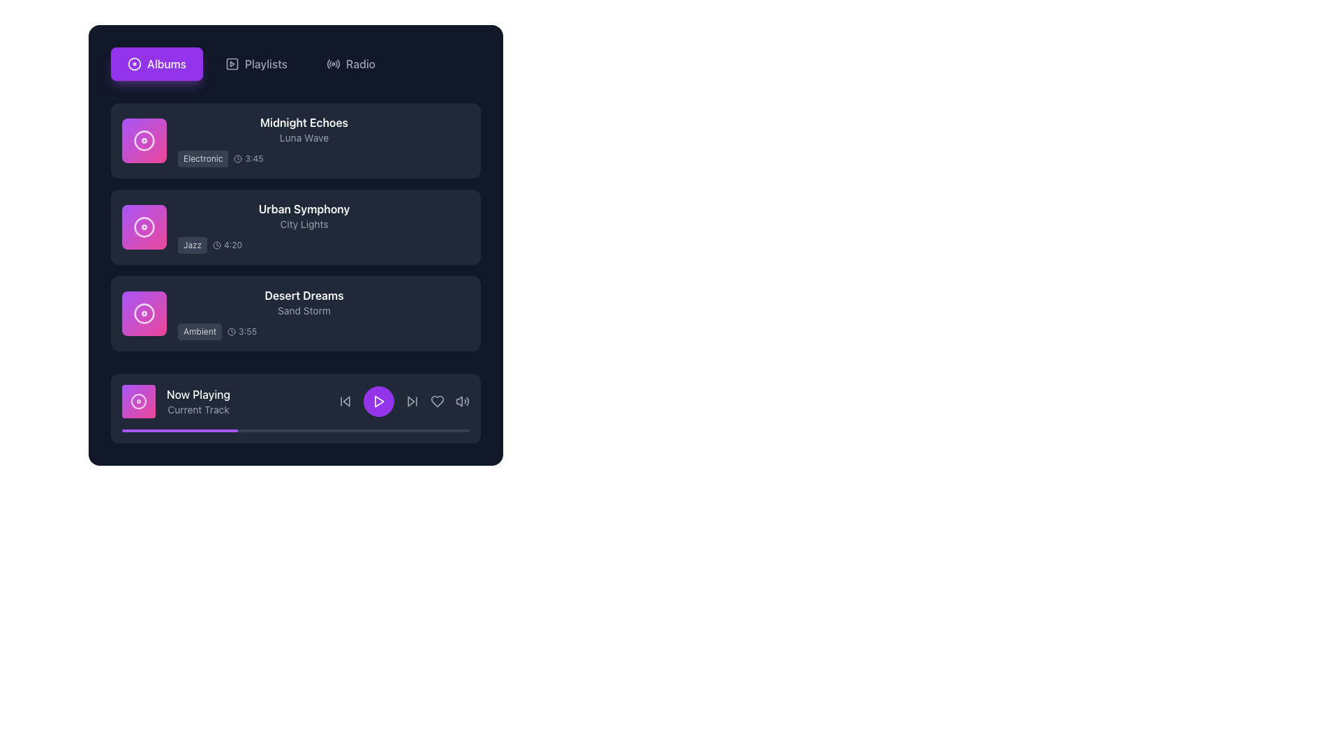 Image resolution: width=1340 pixels, height=753 pixels. What do you see at coordinates (144, 227) in the screenshot?
I see `the vibrant gradient Icon button with a circular outline and filled circle at its center, located above the text 'Urban Symphony' and 'City Lights'` at bounding box center [144, 227].